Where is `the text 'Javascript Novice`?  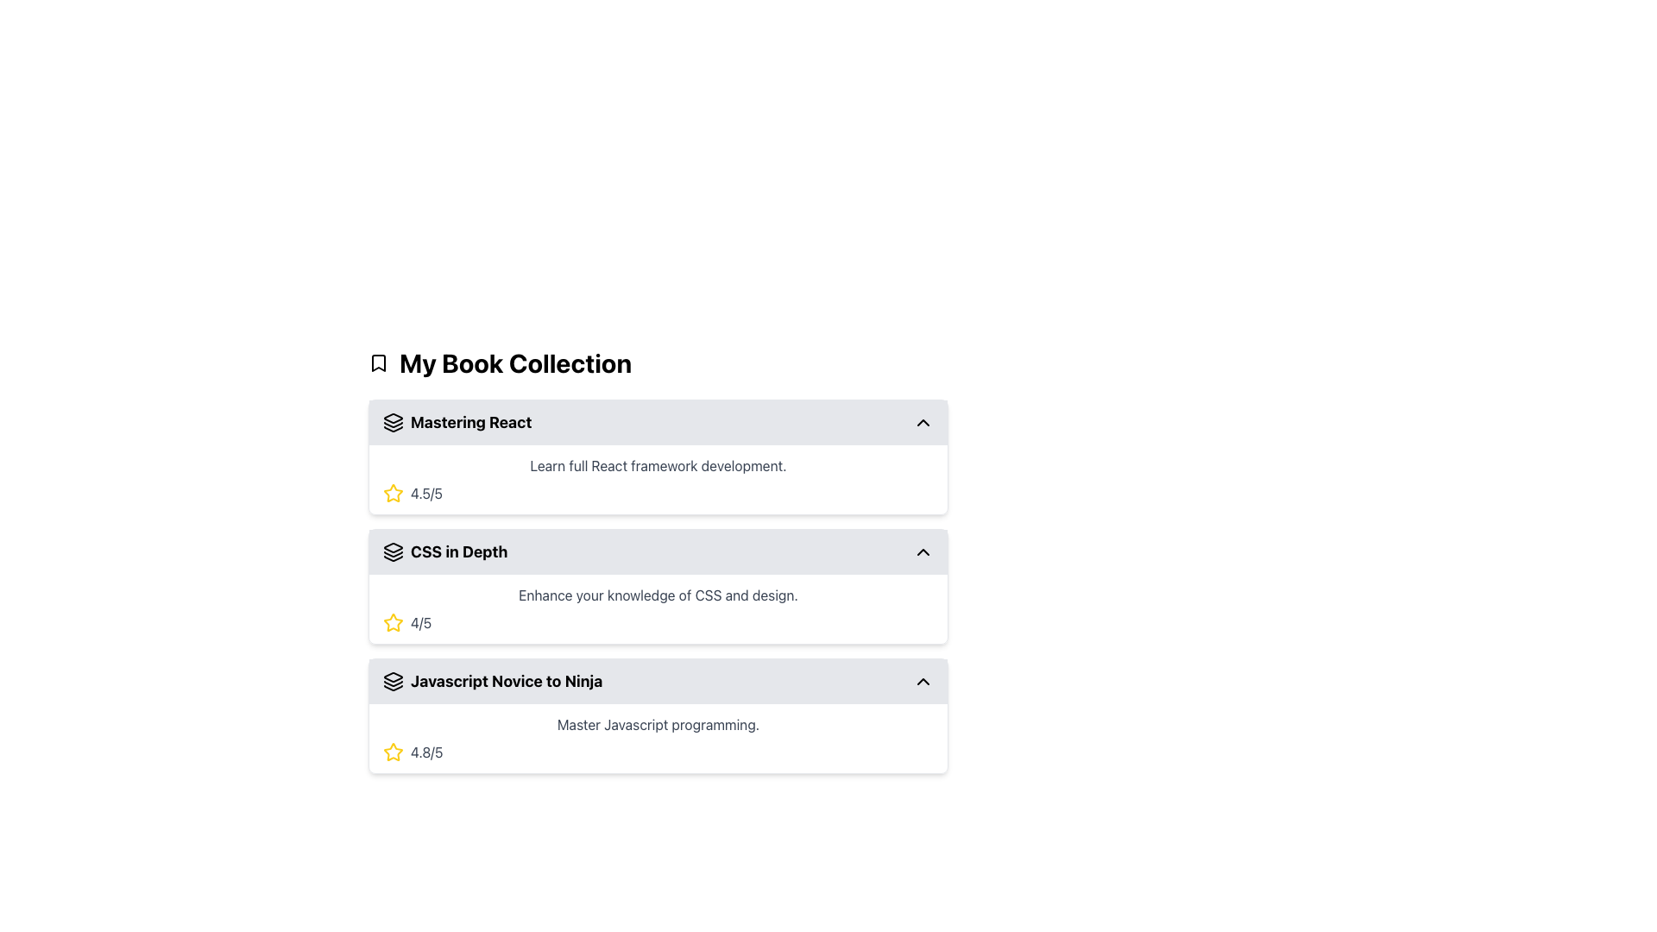
the text 'Javascript Novice is located at coordinates (492, 681).